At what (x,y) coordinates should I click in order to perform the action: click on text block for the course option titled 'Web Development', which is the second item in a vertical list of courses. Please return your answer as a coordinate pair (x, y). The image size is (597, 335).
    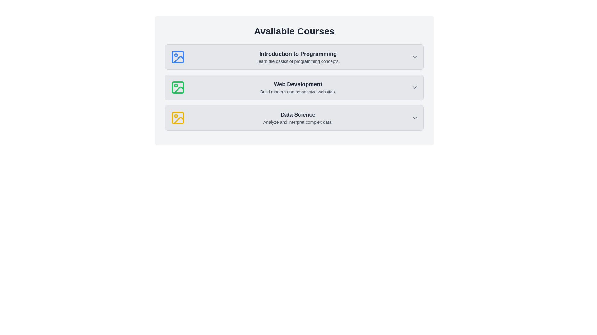
    Looking at the image, I should click on (298, 87).